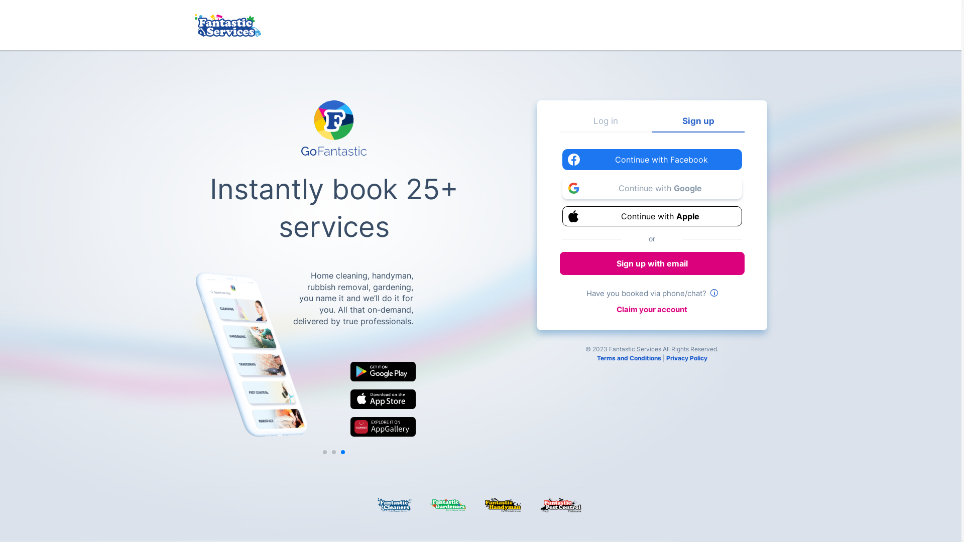  Describe the element at coordinates (628, 357) in the screenshot. I see `'Terms and Conditions'` at that location.